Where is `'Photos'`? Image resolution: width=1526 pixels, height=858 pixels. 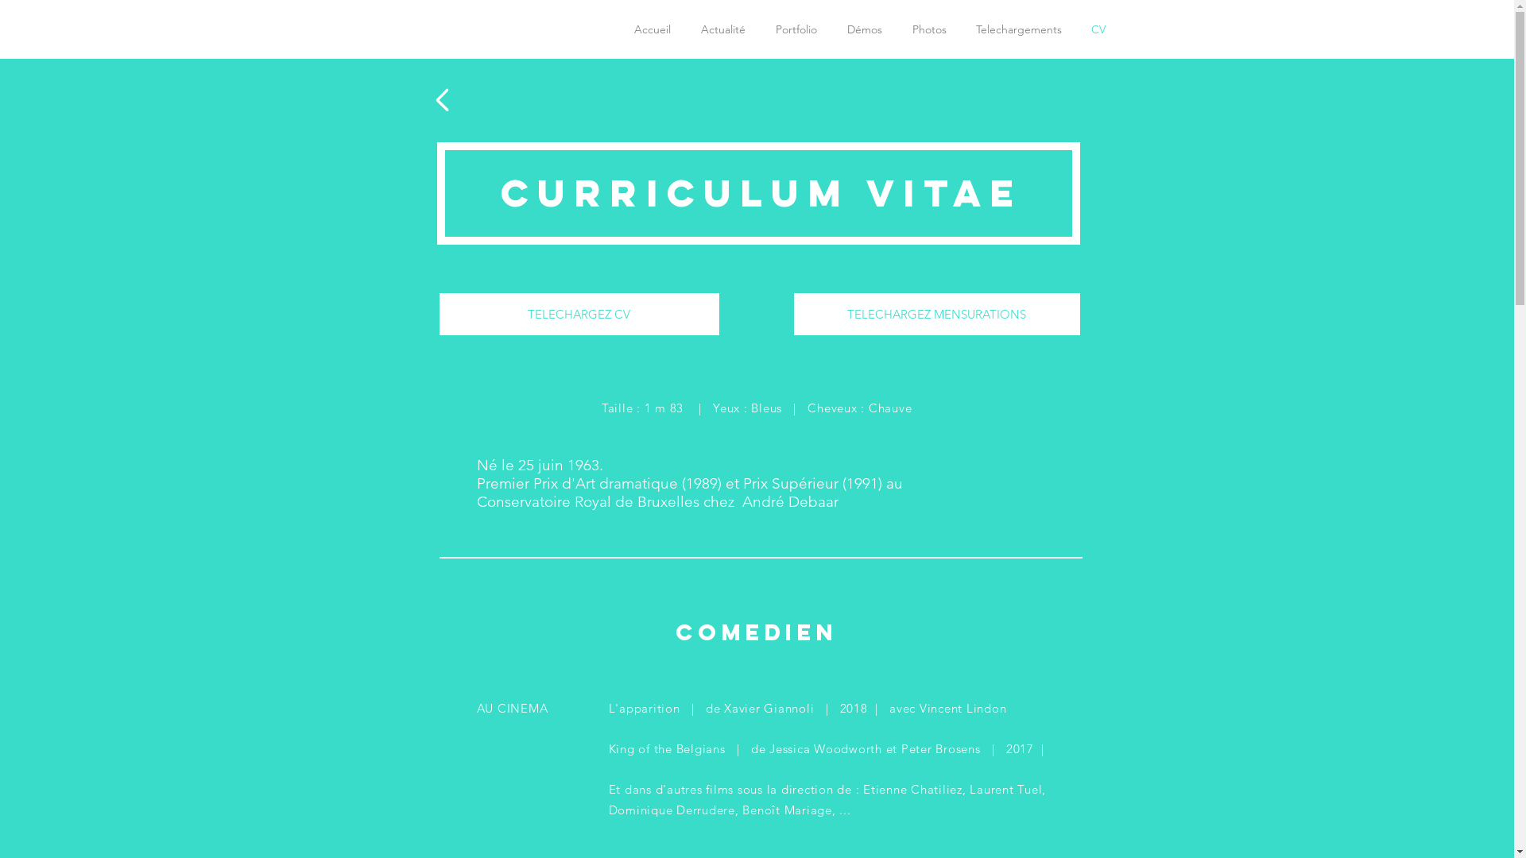
'Photos' is located at coordinates (928, 29).